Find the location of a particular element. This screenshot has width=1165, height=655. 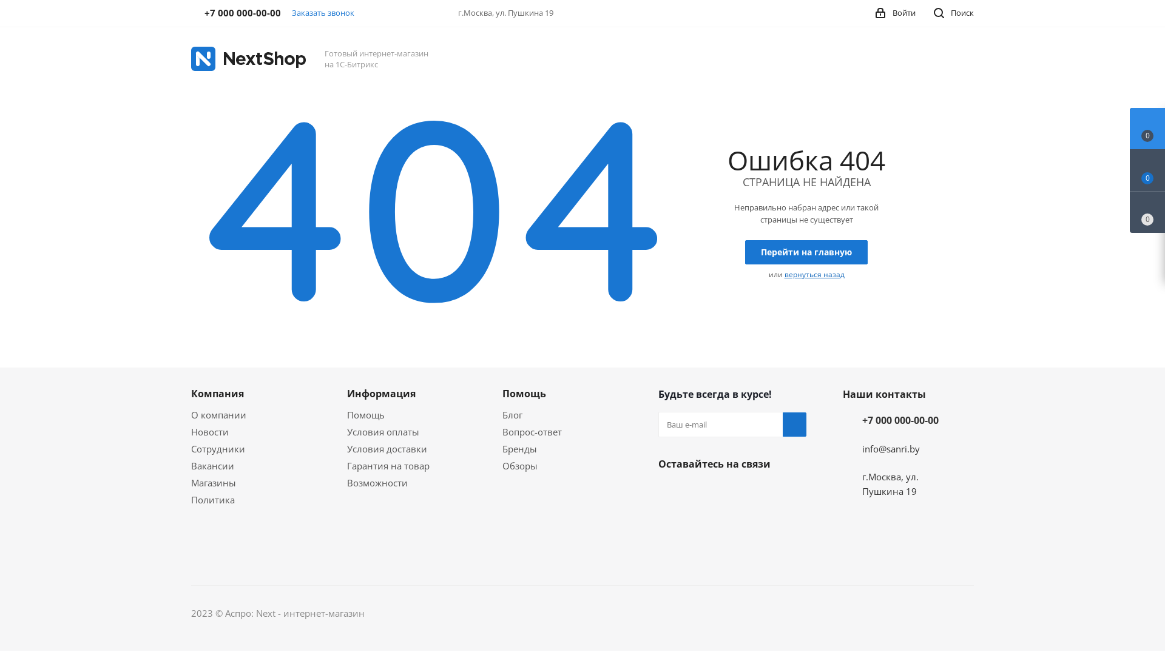

'Facebook' is located at coordinates (701, 492).